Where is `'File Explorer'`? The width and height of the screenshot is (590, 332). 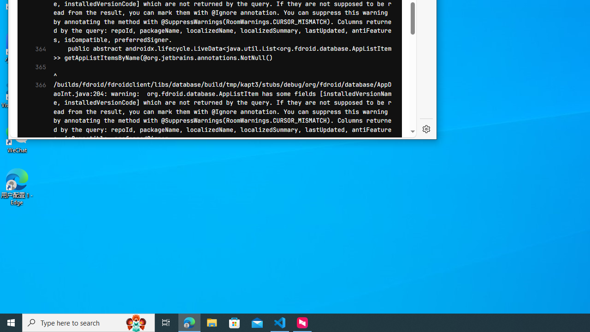
'File Explorer' is located at coordinates (212, 322).